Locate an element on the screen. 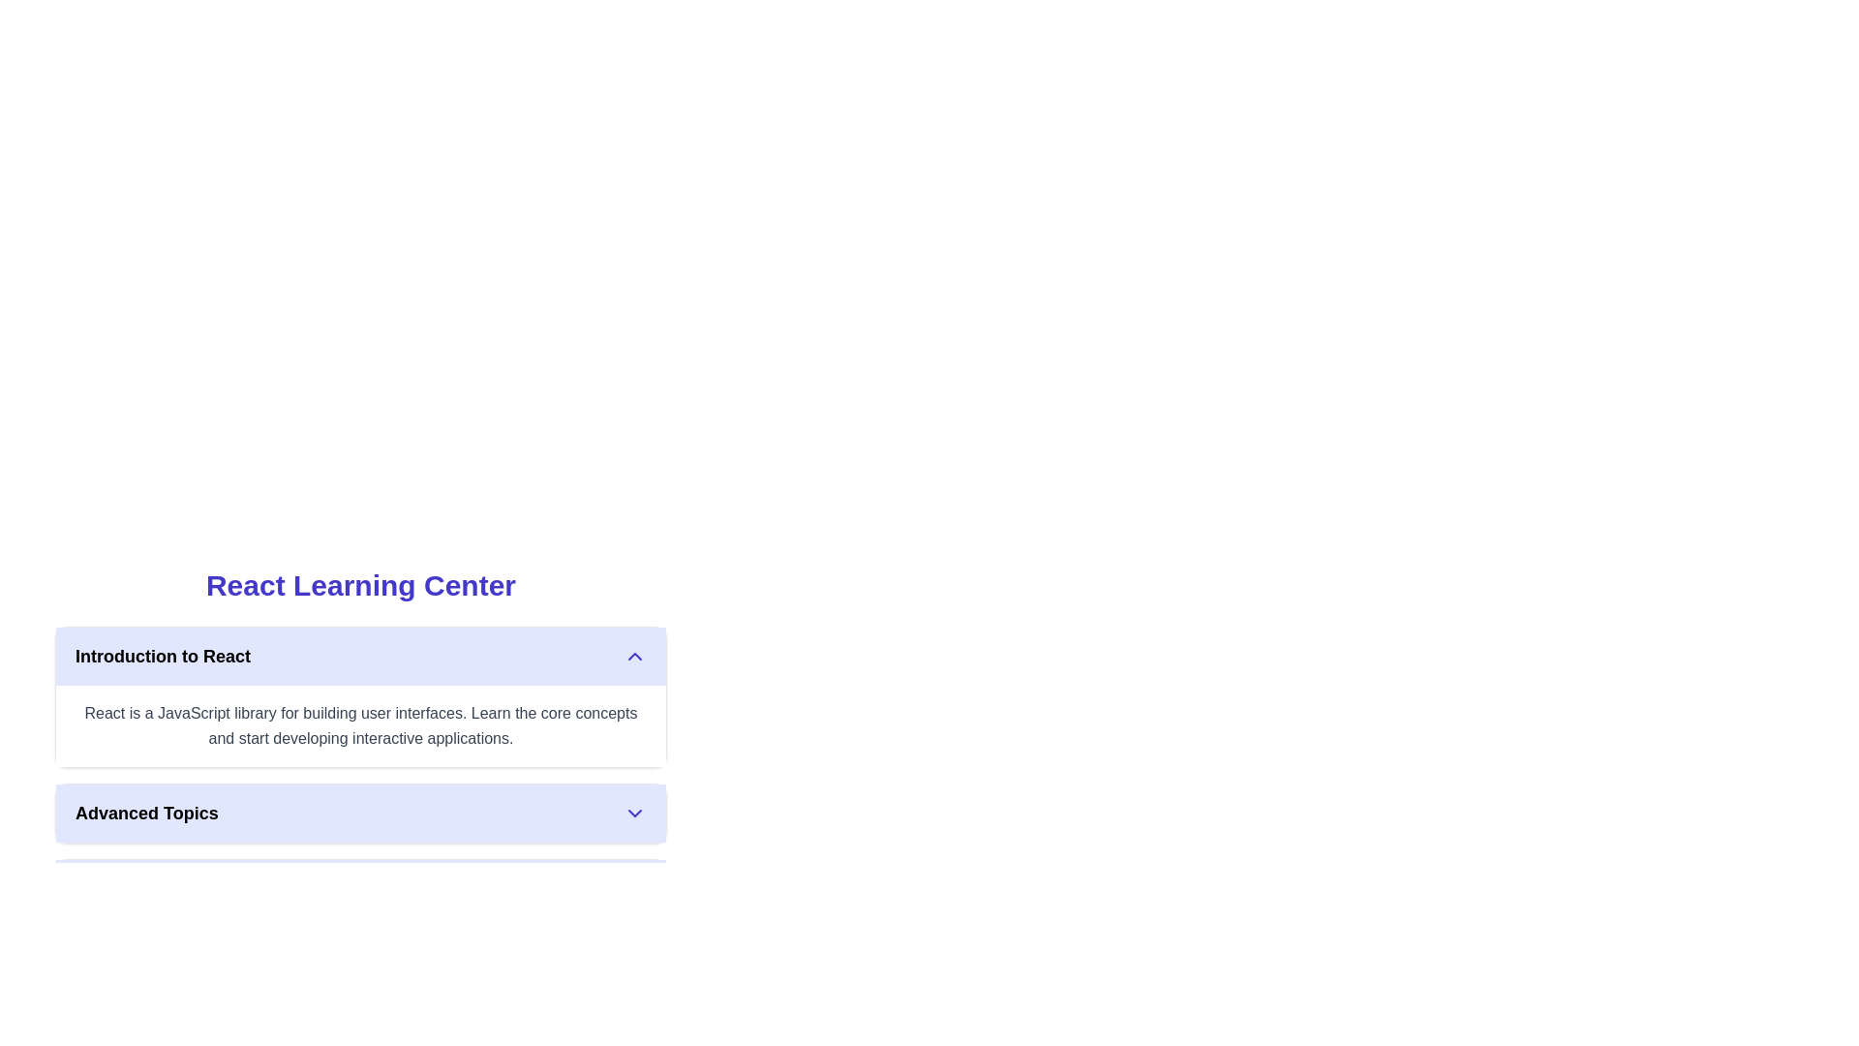 The image size is (1859, 1046). the 'Advanced Topics' Text Header is located at coordinates (145, 814).